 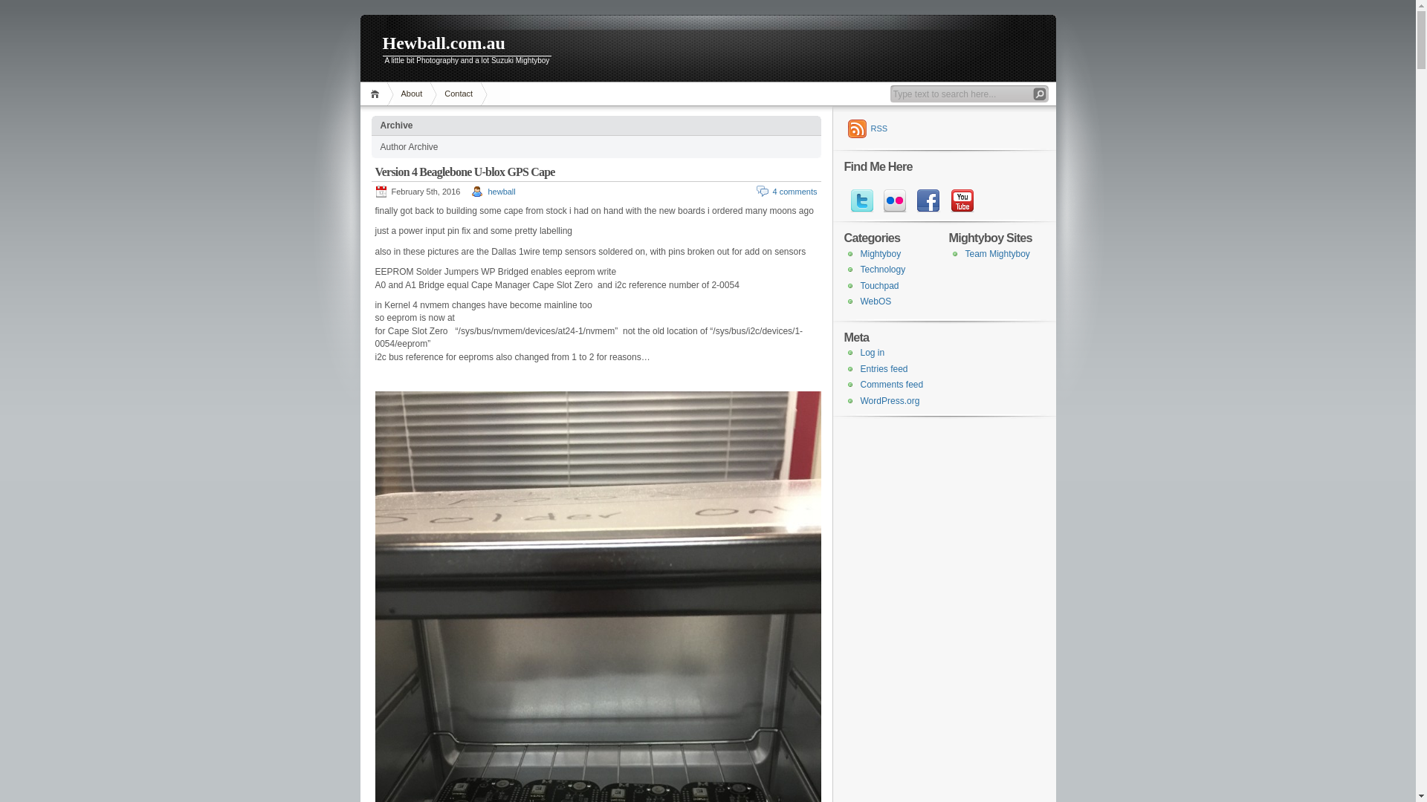 What do you see at coordinates (861, 200) in the screenshot?
I see `'twitter'` at bounding box center [861, 200].